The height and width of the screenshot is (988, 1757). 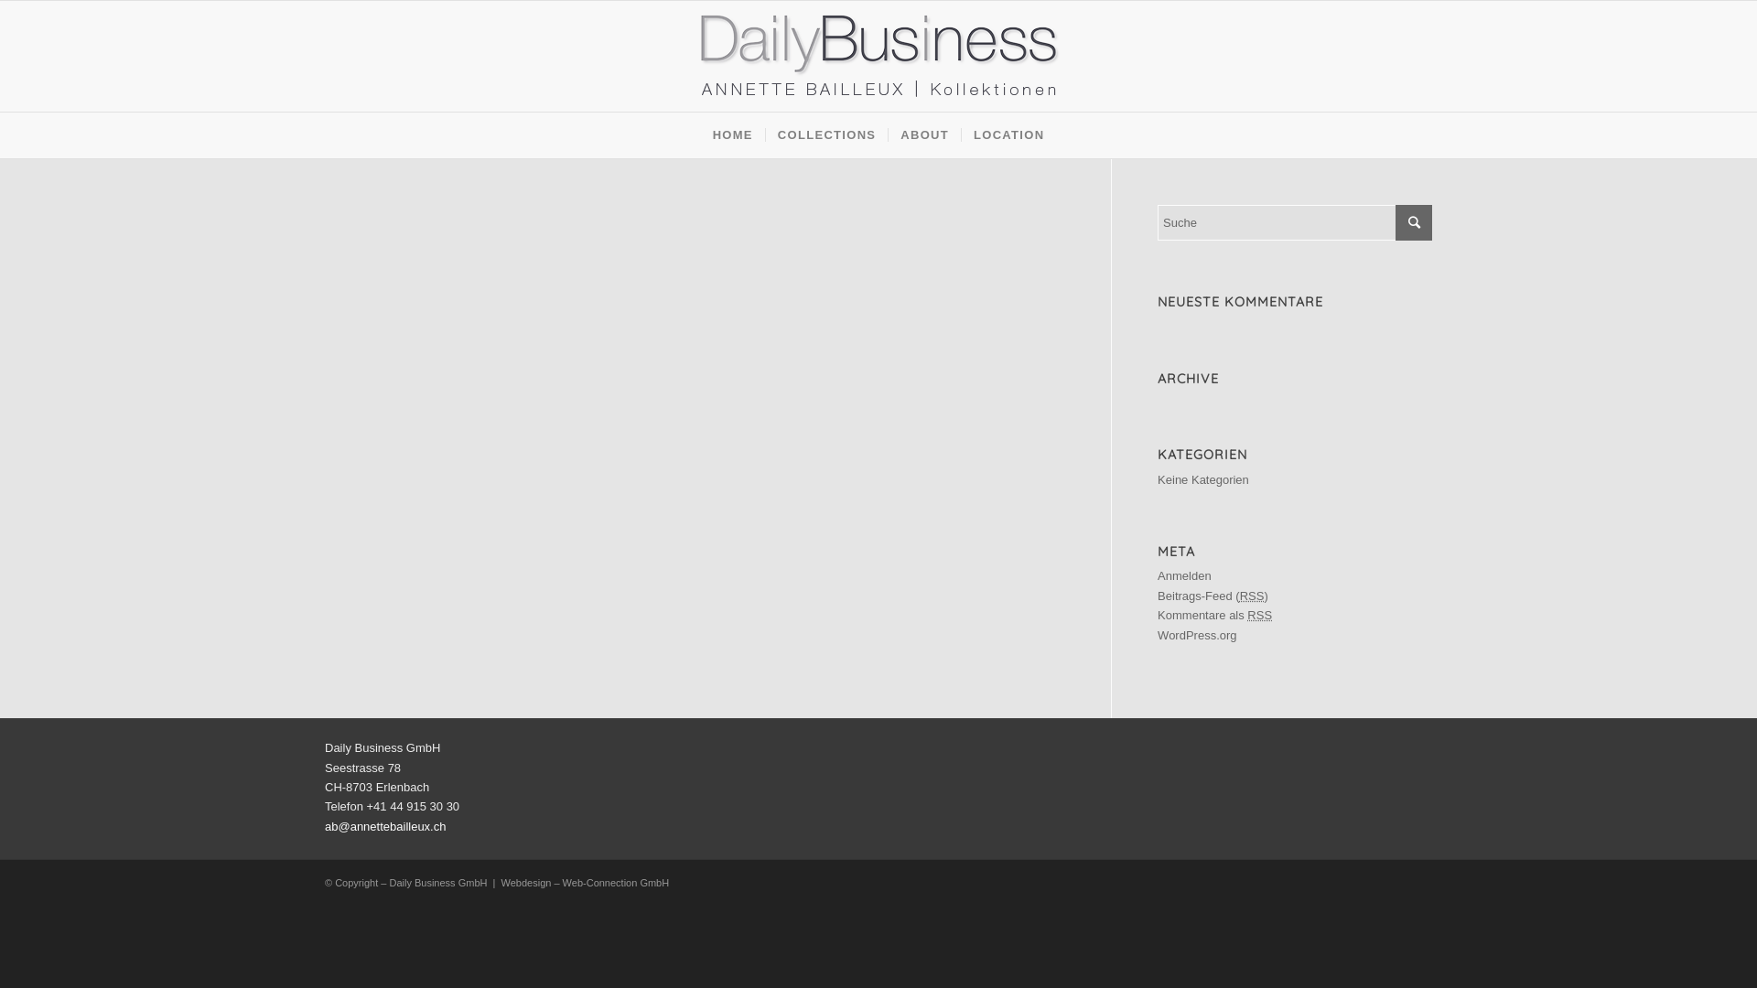 What do you see at coordinates (1213, 596) in the screenshot?
I see `'Beitrags-Feed (RSS)'` at bounding box center [1213, 596].